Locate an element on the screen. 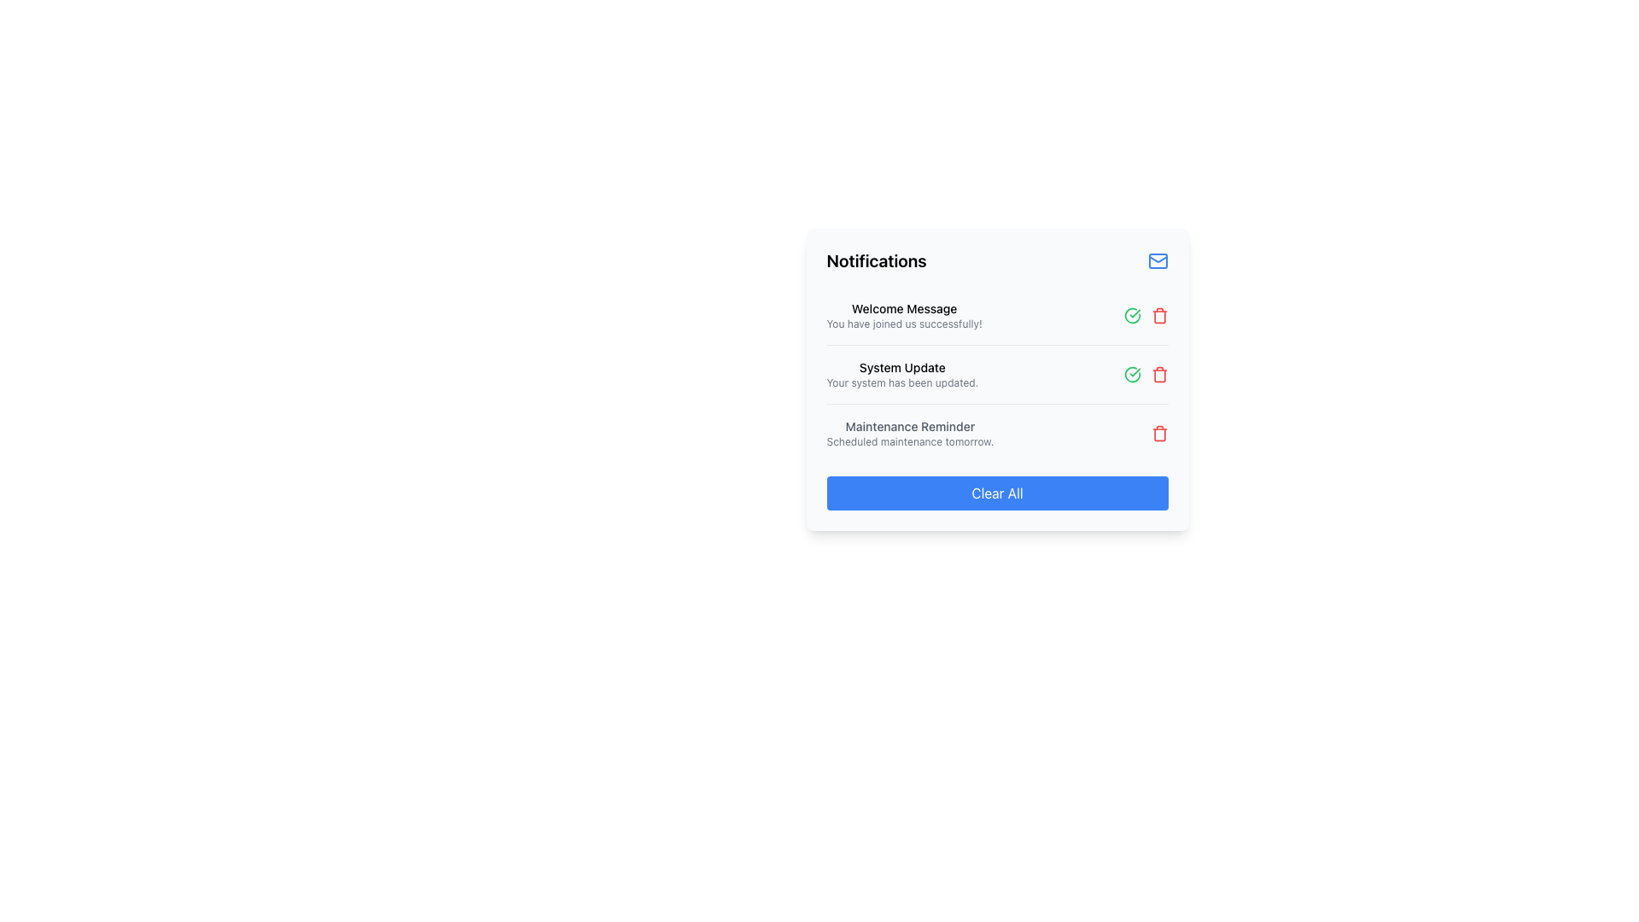  the button located as the last sibling in the row of icons is located at coordinates (1159, 374).